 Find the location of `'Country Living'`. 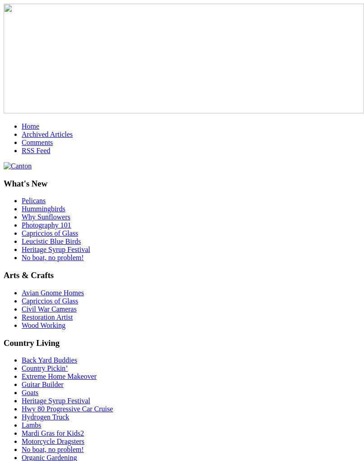

'Country Living' is located at coordinates (31, 342).